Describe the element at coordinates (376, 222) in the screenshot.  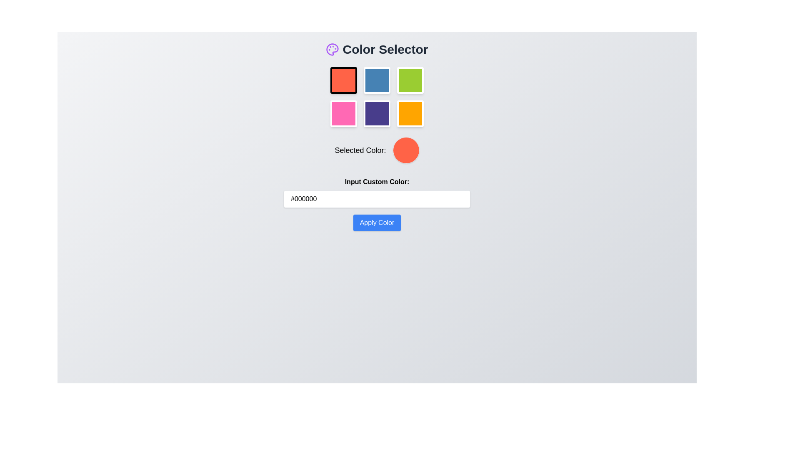
I see `the 'Apply Color' button located below the 'Input Custom Color:' text input box` at that location.